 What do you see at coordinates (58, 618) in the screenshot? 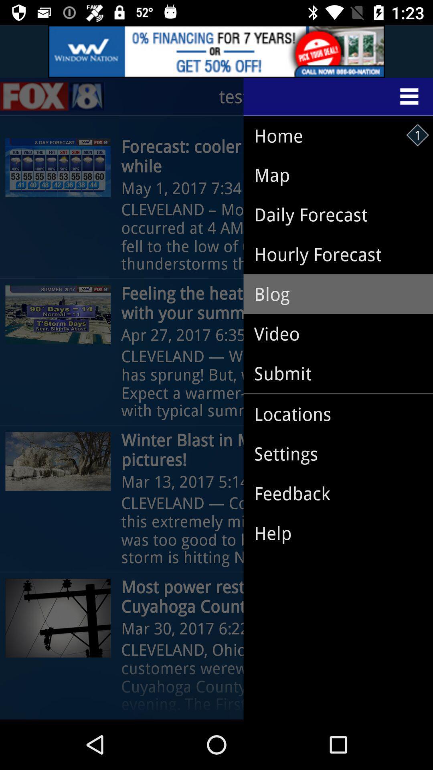
I see `the last image of the page` at bounding box center [58, 618].